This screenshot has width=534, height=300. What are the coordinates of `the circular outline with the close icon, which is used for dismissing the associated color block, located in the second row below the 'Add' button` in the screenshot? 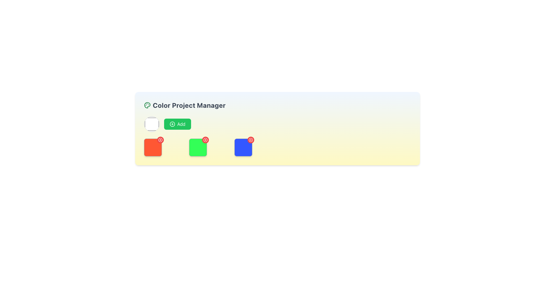 It's located at (205, 140).